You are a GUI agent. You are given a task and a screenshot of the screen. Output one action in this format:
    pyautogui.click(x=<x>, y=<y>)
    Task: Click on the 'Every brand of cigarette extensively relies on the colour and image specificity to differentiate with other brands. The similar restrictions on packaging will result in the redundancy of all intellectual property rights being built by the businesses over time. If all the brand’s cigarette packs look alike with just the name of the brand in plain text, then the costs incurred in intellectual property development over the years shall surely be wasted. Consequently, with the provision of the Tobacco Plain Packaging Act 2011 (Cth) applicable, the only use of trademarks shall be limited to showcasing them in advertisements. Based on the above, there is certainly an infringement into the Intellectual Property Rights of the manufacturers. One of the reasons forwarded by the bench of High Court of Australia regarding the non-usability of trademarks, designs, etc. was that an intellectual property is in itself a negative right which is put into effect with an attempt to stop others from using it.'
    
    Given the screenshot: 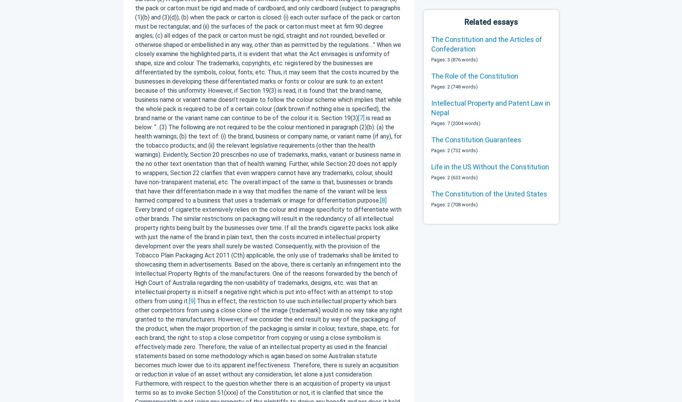 What is the action you would take?
    pyautogui.click(x=267, y=255)
    